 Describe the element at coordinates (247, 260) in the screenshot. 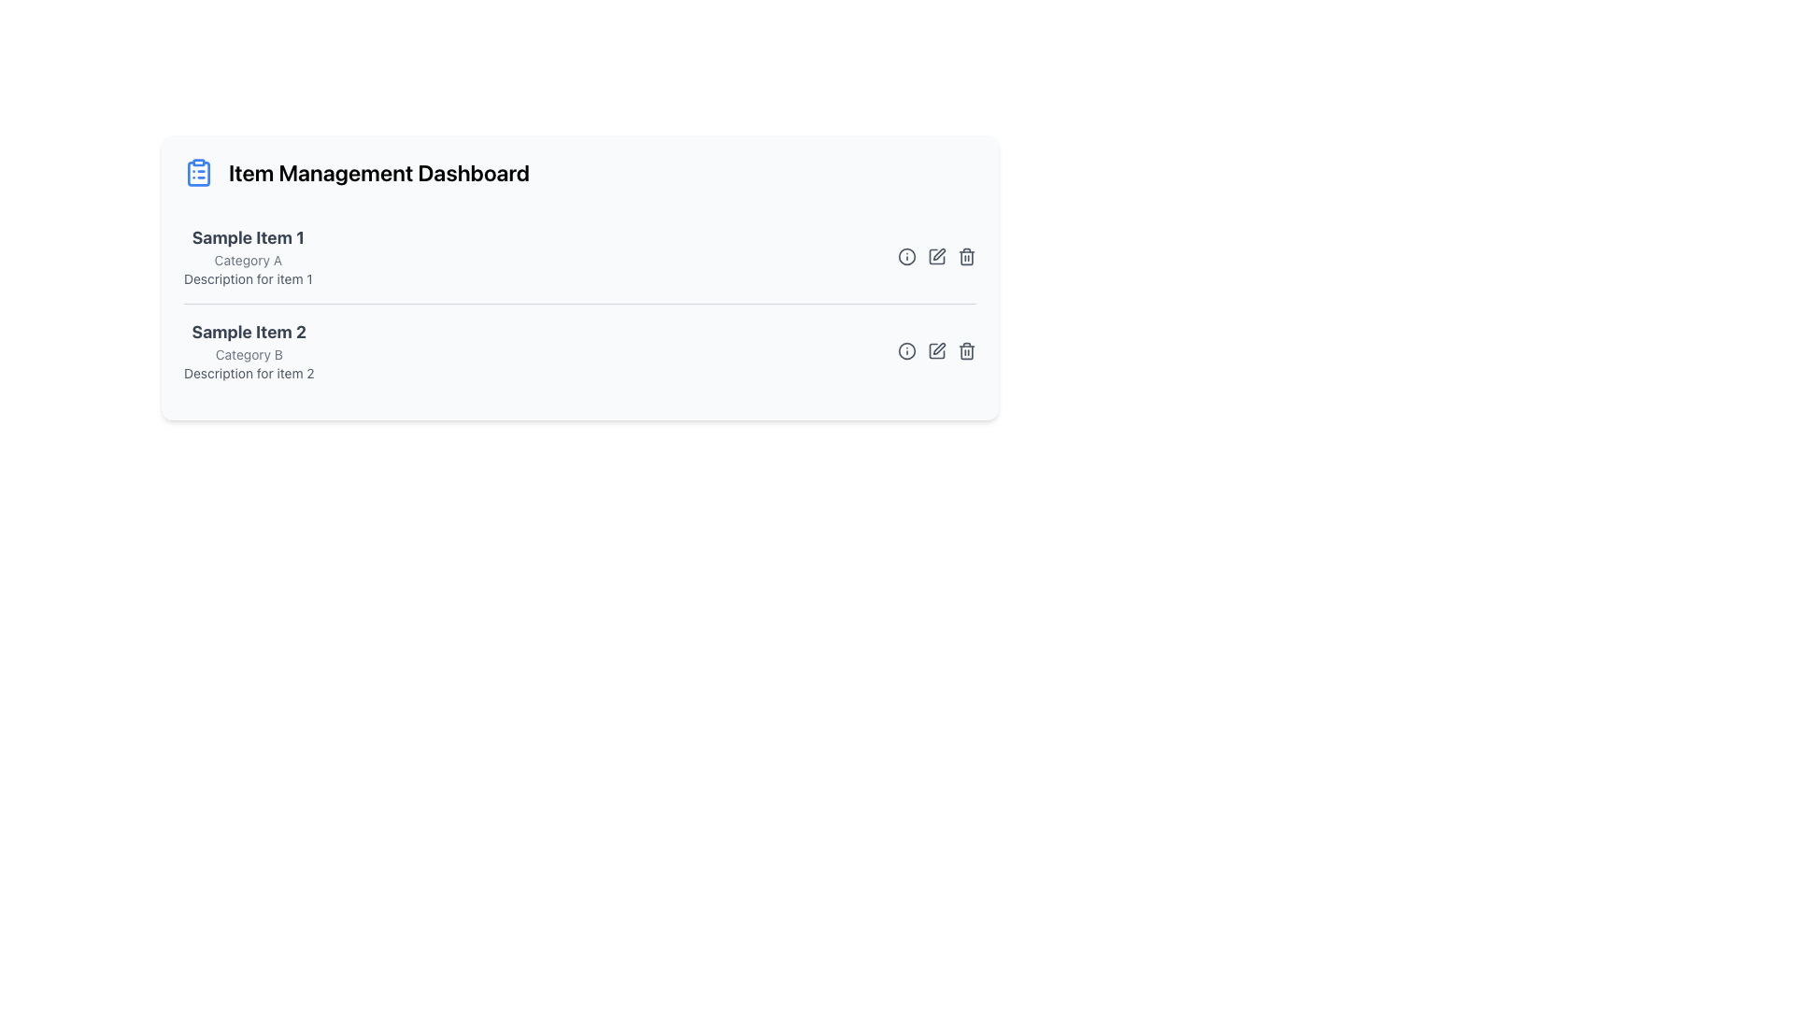

I see `the static label text that categorizes 'Sample Item 1', located below the title and above the description` at that location.